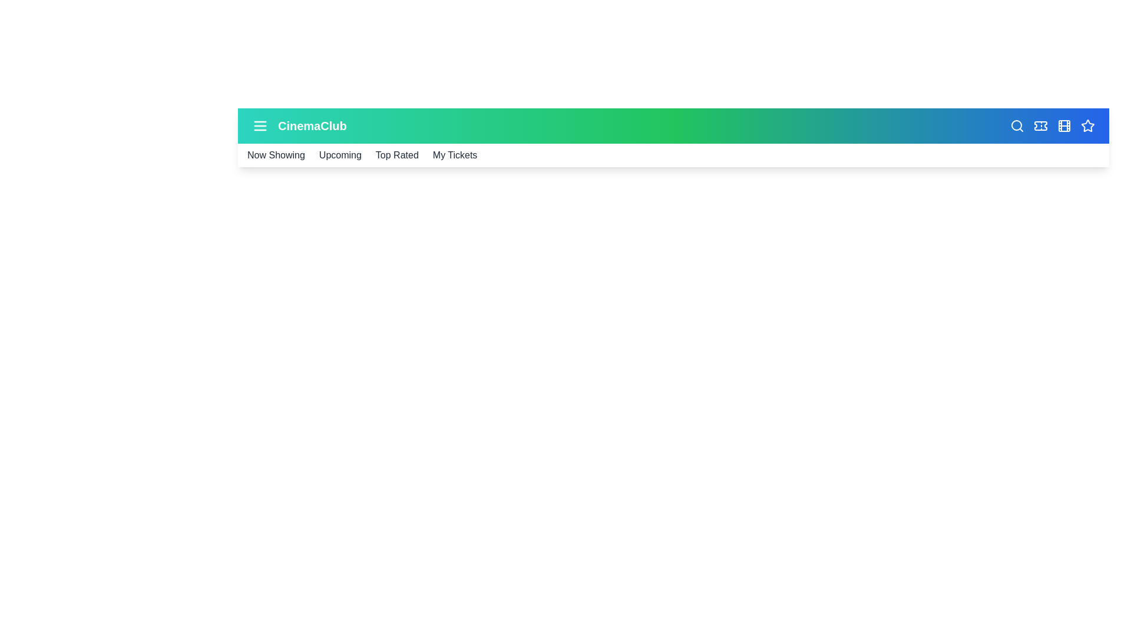 The height and width of the screenshot is (636, 1131). I want to click on the navigation link for Upcoming, so click(339, 154).